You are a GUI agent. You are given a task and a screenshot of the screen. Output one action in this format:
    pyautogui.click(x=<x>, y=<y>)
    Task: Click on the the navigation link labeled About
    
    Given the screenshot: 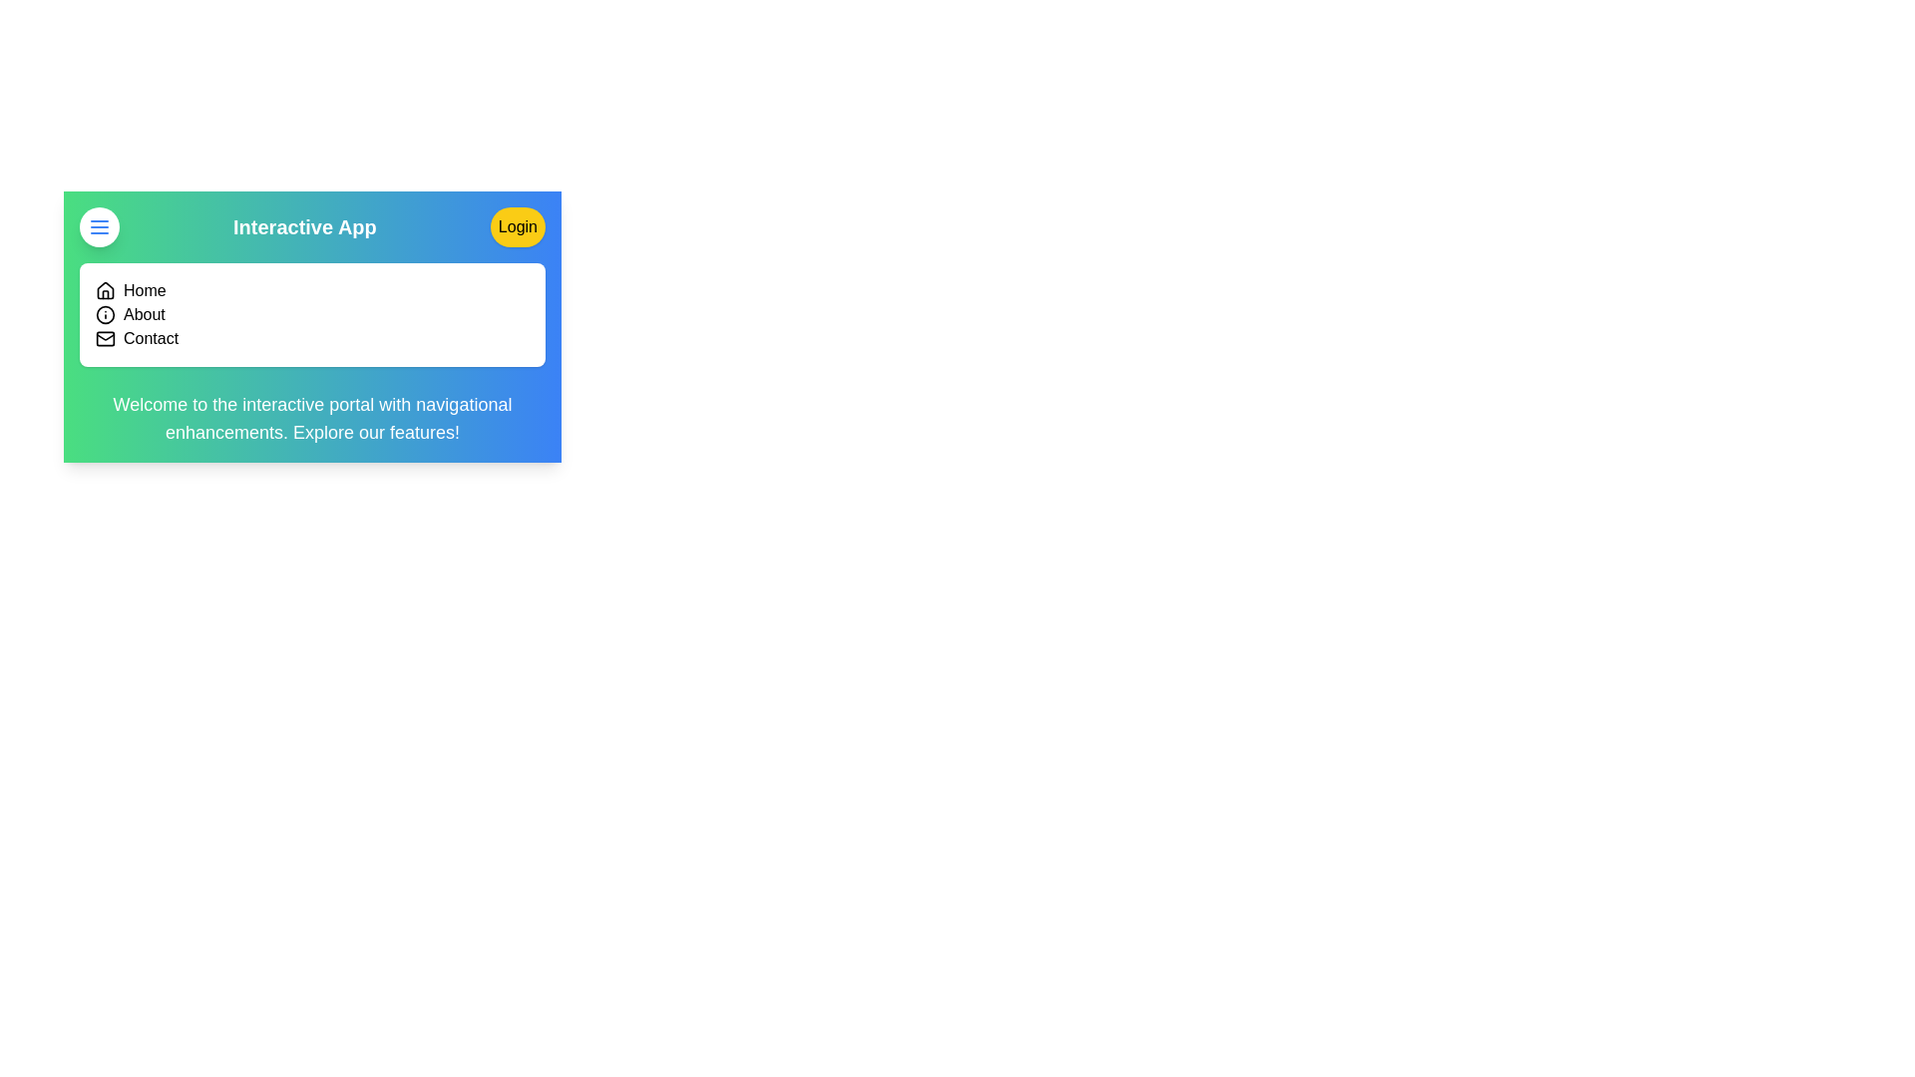 What is the action you would take?
    pyautogui.click(x=143, y=314)
    